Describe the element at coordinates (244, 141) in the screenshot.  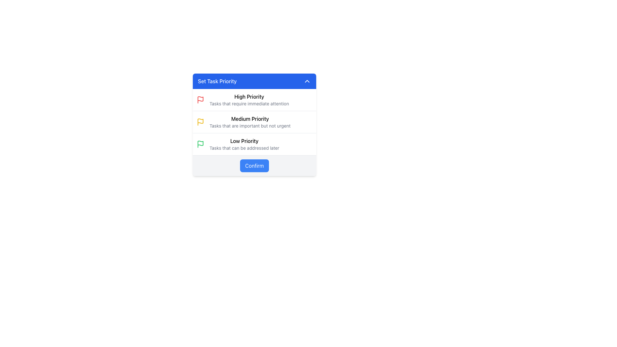
I see `the 'Low Priority' text label element which is styled in bold font and located in the priority selection list above the description 'Tasks that can be addressed later.'` at that location.